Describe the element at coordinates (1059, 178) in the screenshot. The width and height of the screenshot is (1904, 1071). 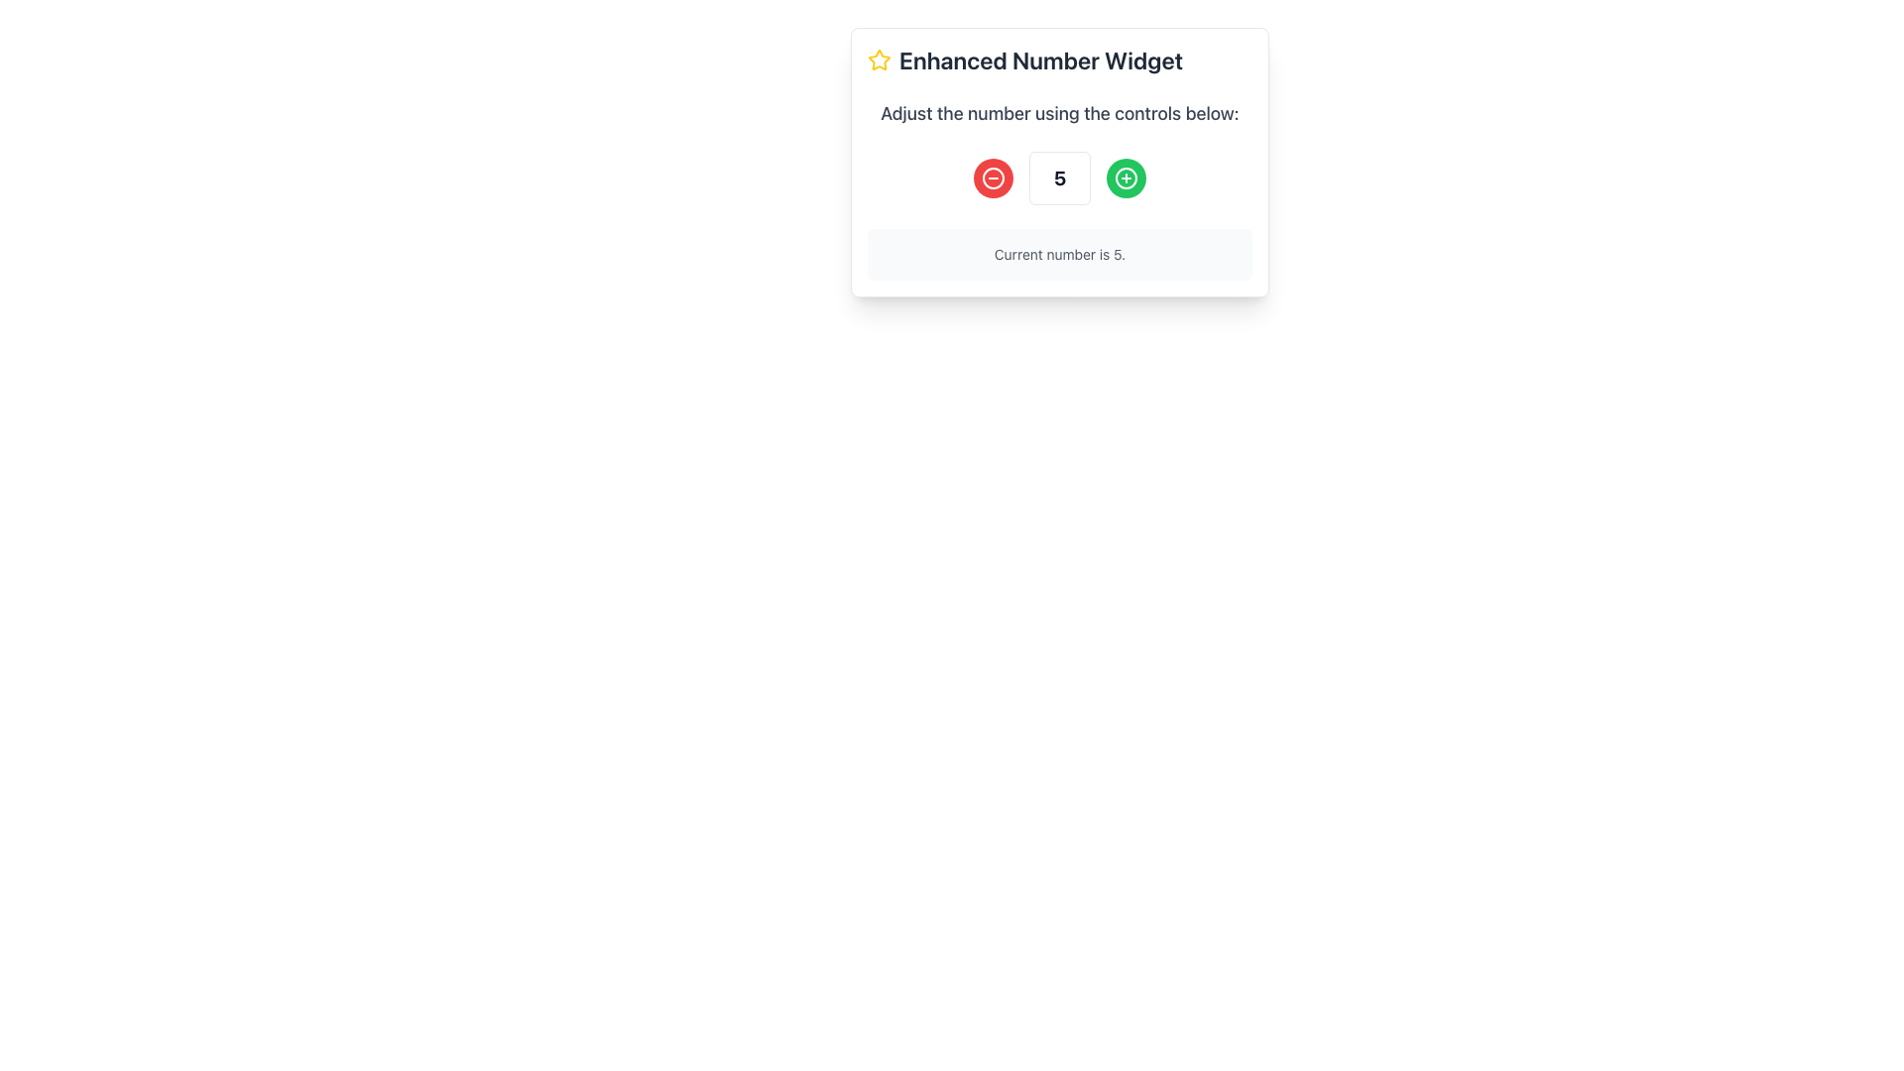
I see `the Text Display element that shows the current numerical value, located beneath the instruction text and between a red circular button and a green circular button` at that location.